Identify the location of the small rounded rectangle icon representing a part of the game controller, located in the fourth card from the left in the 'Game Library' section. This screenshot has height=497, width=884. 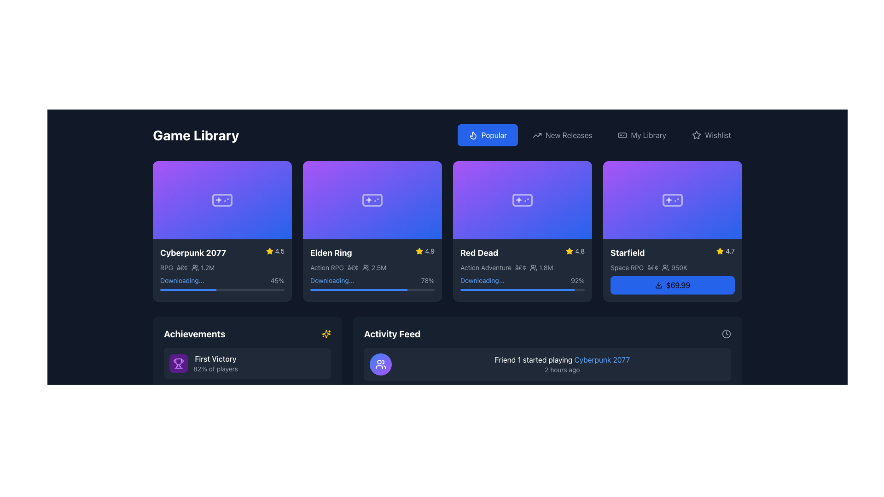
(672, 199).